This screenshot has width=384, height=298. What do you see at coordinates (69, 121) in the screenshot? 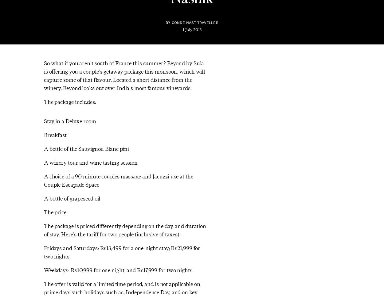
I see `'Stay in a Deluxe room'` at bounding box center [69, 121].